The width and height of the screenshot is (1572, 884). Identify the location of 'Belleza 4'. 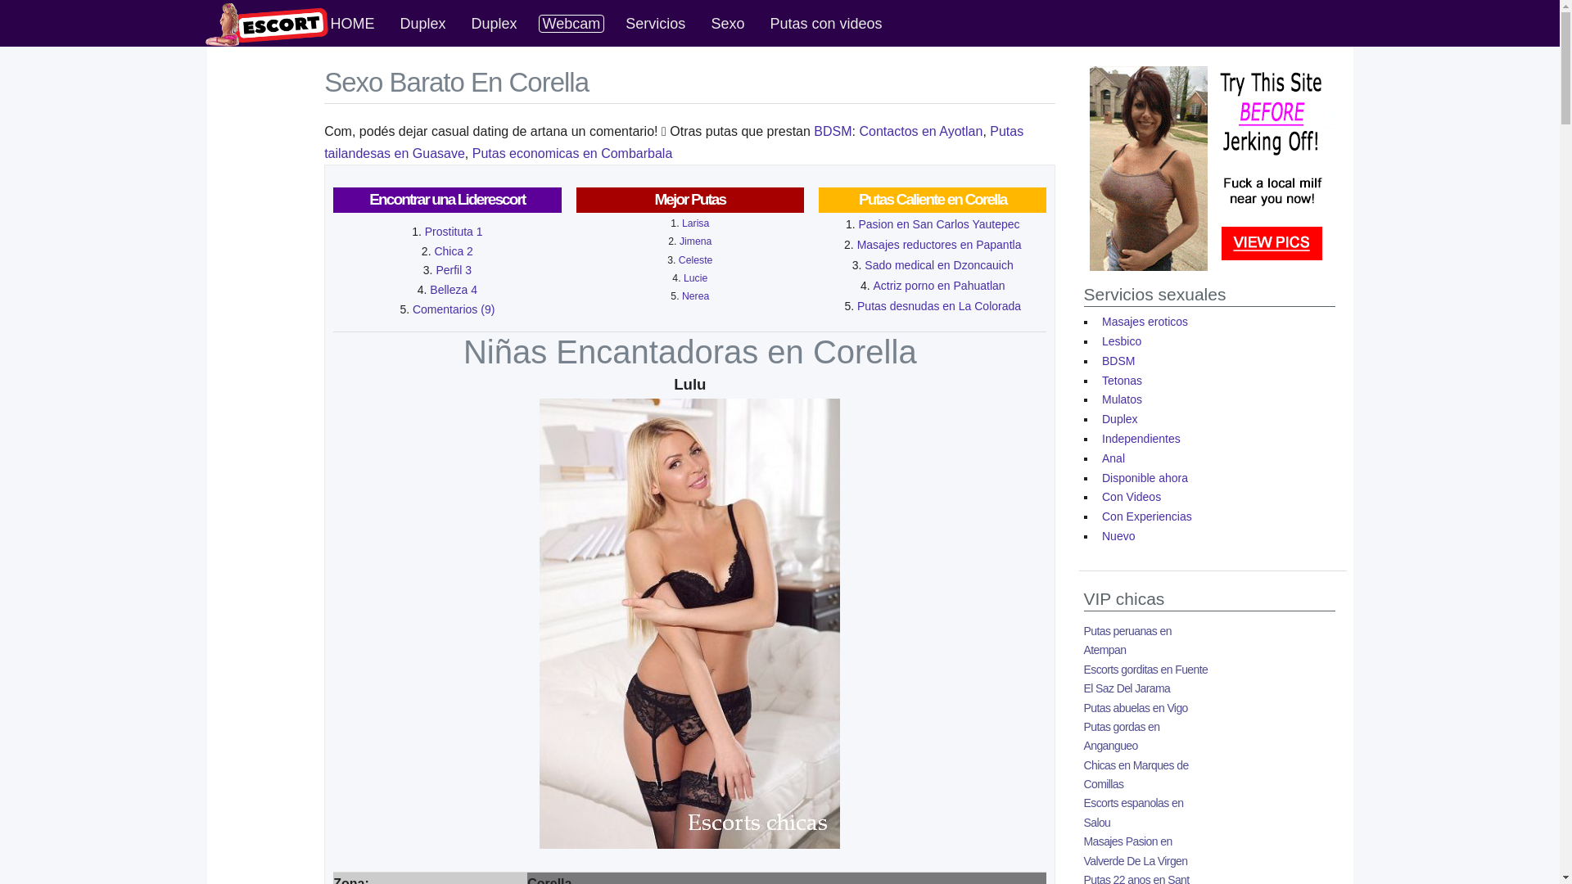
(453, 289).